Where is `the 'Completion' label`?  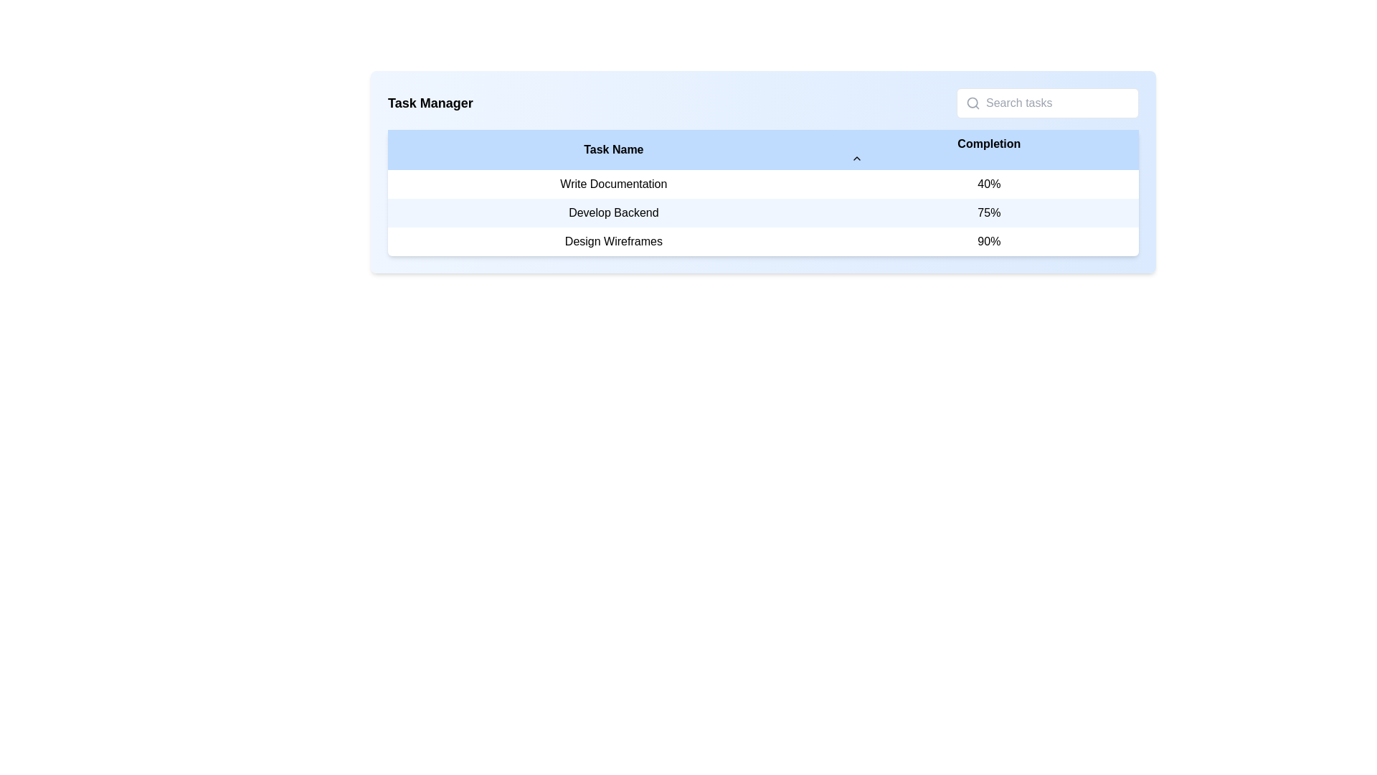
the 'Completion' label is located at coordinates (988, 149).